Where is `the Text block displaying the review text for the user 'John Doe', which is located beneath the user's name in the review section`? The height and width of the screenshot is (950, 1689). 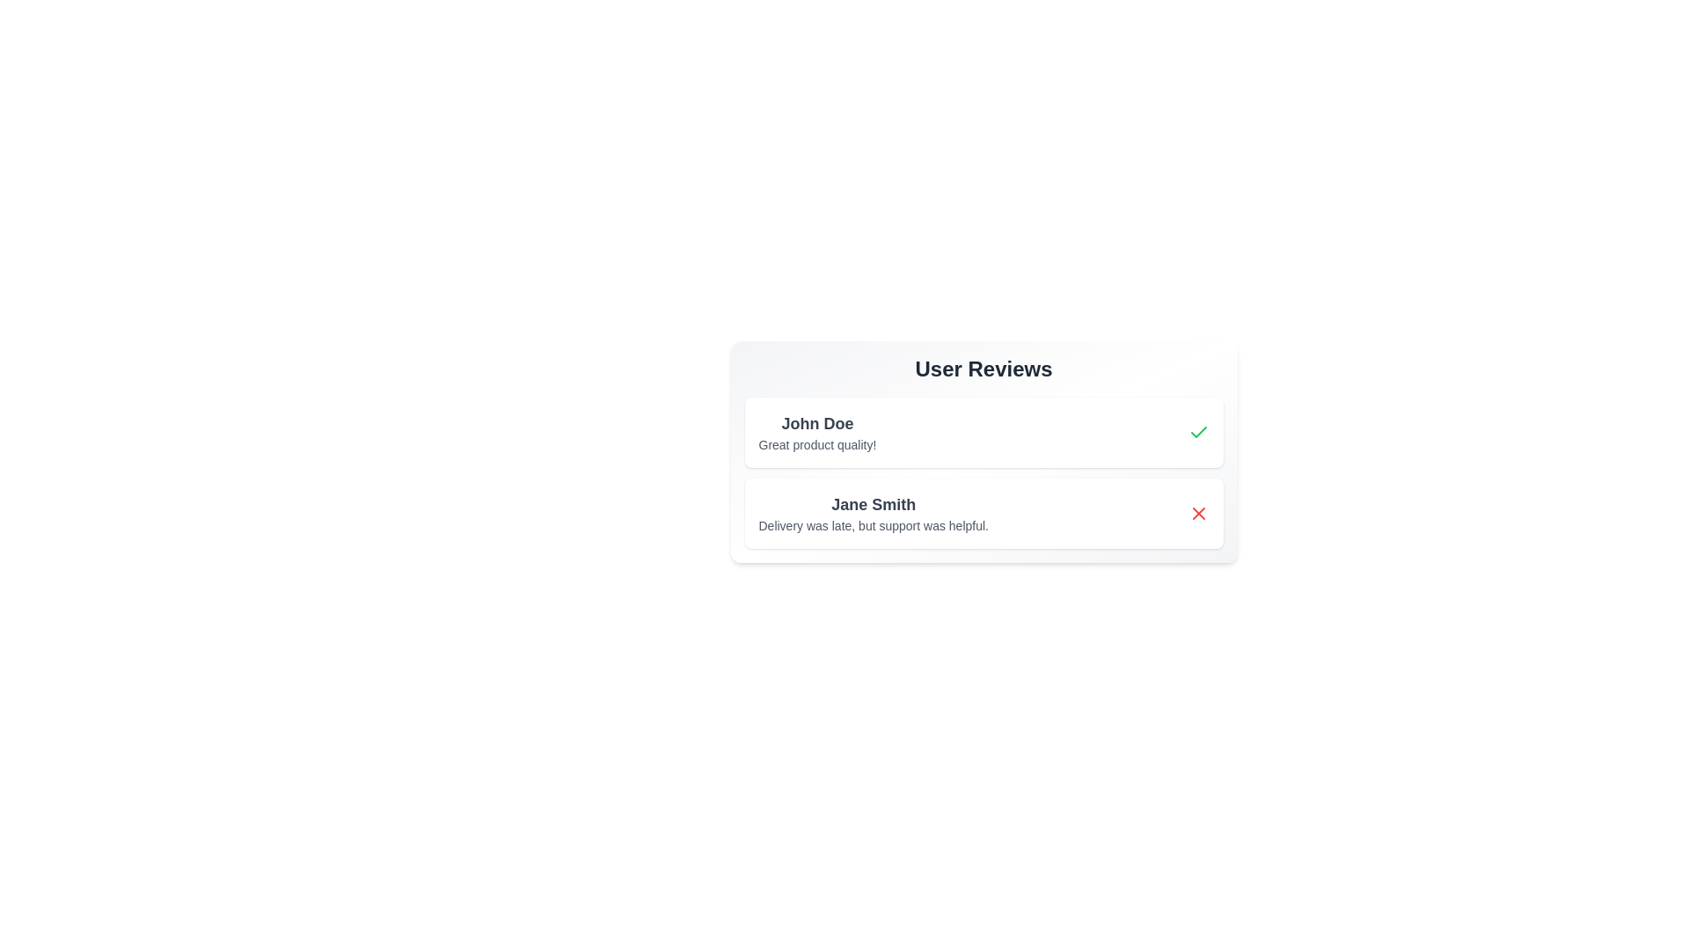 the Text block displaying the review text for the user 'John Doe', which is located beneath the user's name in the review section is located at coordinates (816, 443).